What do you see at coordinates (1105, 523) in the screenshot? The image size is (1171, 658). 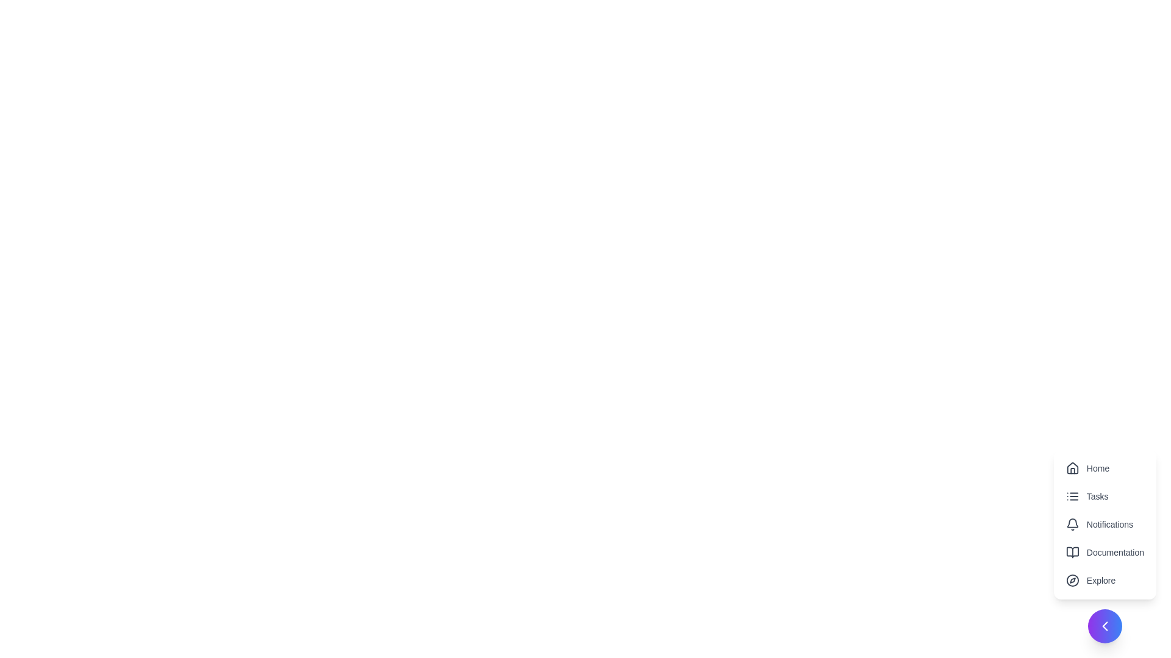 I see `the menu item Notifications from the speed dial options` at bounding box center [1105, 523].